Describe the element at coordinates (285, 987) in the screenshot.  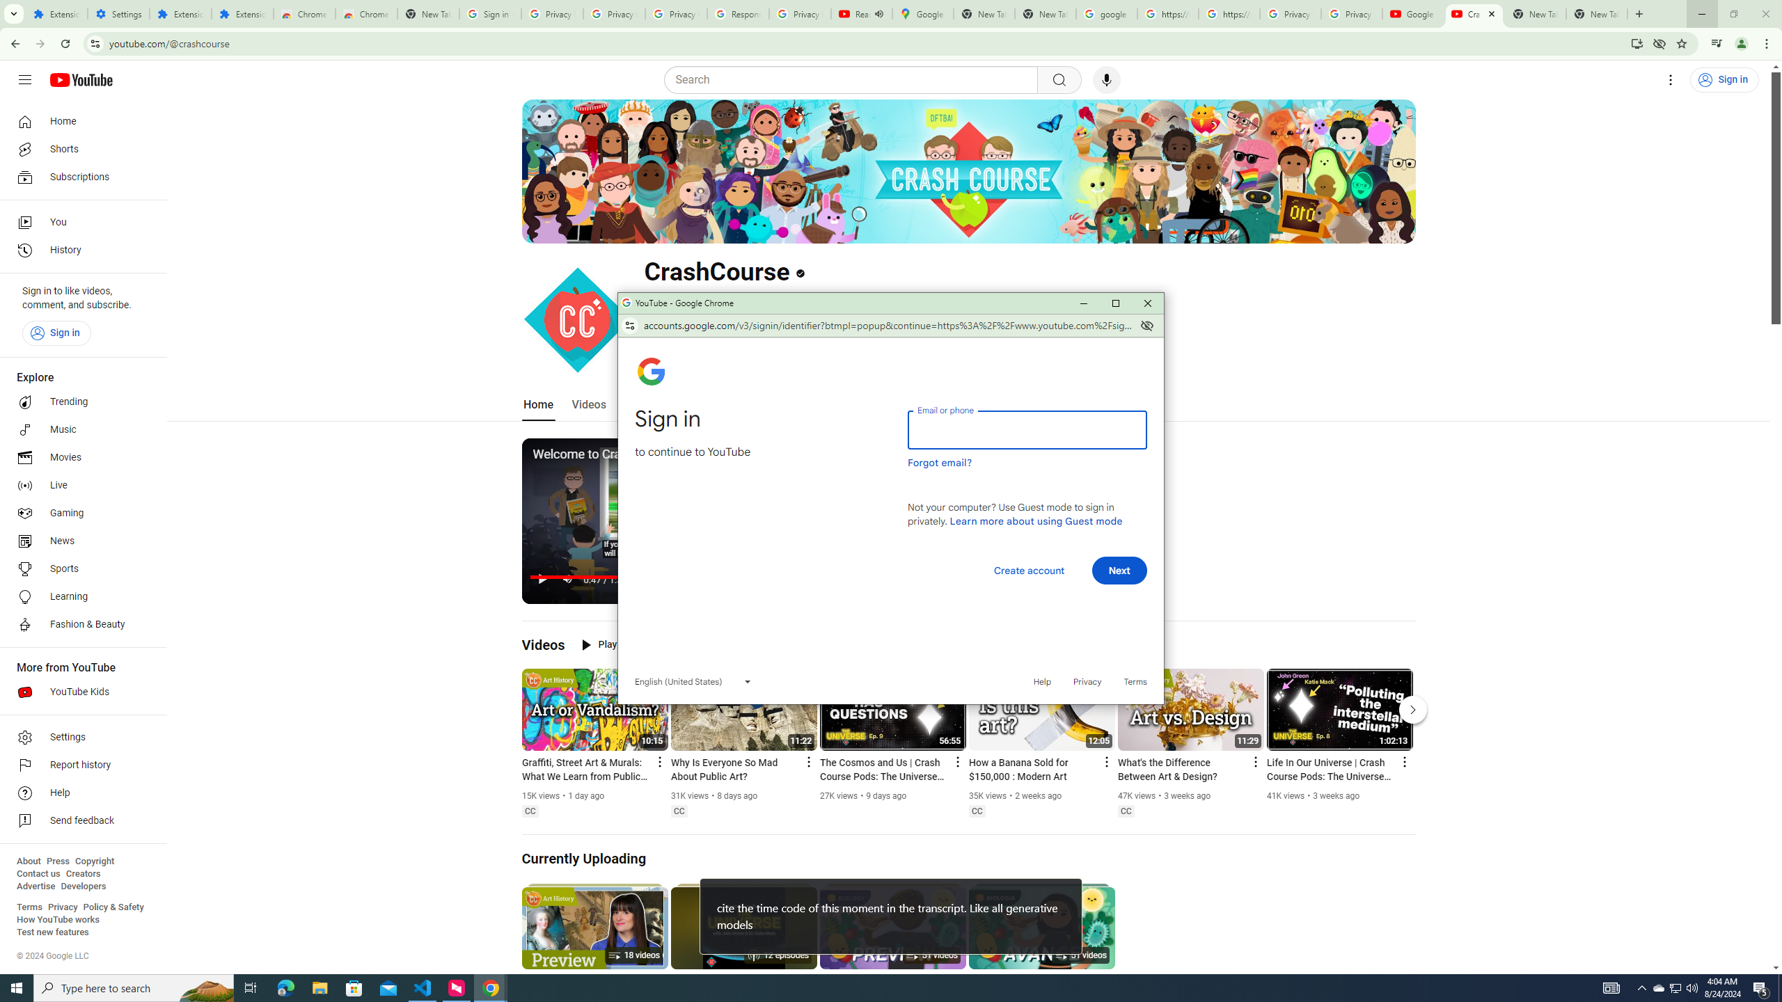
I see `'Microsoft Edge'` at that location.